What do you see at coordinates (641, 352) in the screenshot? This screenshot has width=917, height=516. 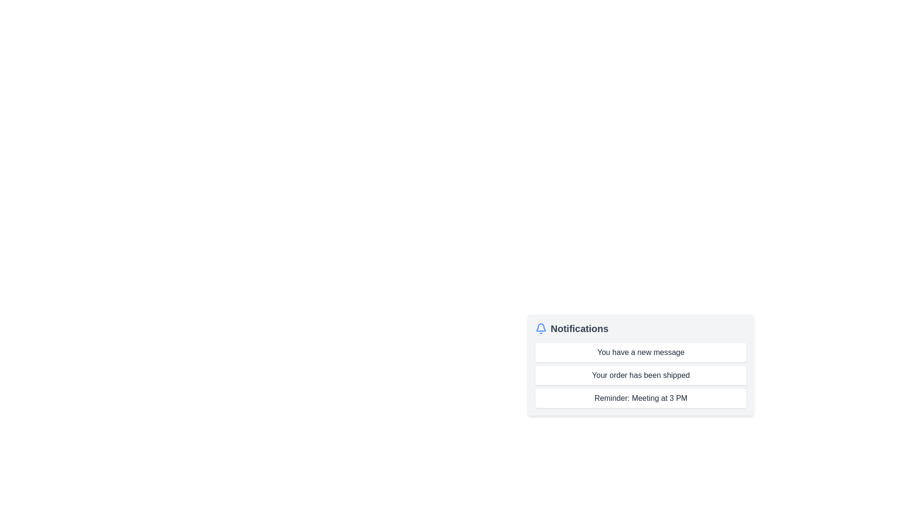 I see `the first notification entry in the notification panel, which informs the user about a new message notification` at bounding box center [641, 352].